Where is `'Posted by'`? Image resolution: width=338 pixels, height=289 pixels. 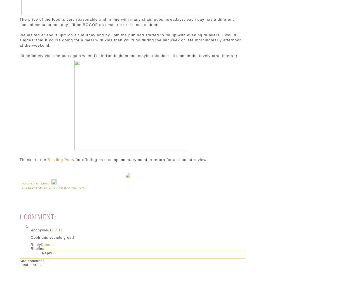 'Posted by' is located at coordinates (31, 183).